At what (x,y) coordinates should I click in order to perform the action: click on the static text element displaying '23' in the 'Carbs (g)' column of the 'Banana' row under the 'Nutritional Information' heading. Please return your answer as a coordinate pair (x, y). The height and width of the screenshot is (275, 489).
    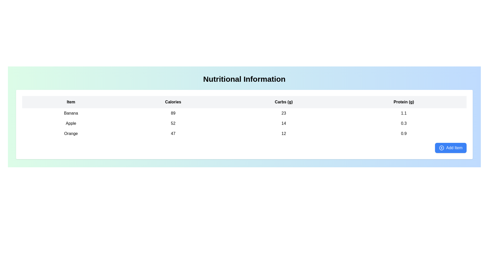
    Looking at the image, I should click on (283, 113).